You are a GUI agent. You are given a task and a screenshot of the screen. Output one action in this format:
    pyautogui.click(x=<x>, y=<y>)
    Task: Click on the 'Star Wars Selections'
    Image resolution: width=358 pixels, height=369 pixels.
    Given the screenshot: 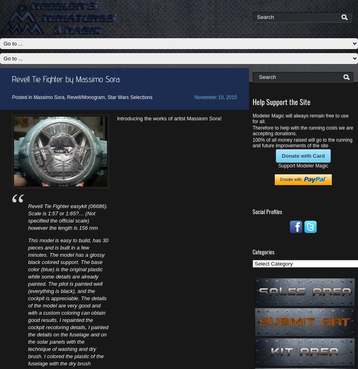 What is the action you would take?
    pyautogui.click(x=130, y=97)
    